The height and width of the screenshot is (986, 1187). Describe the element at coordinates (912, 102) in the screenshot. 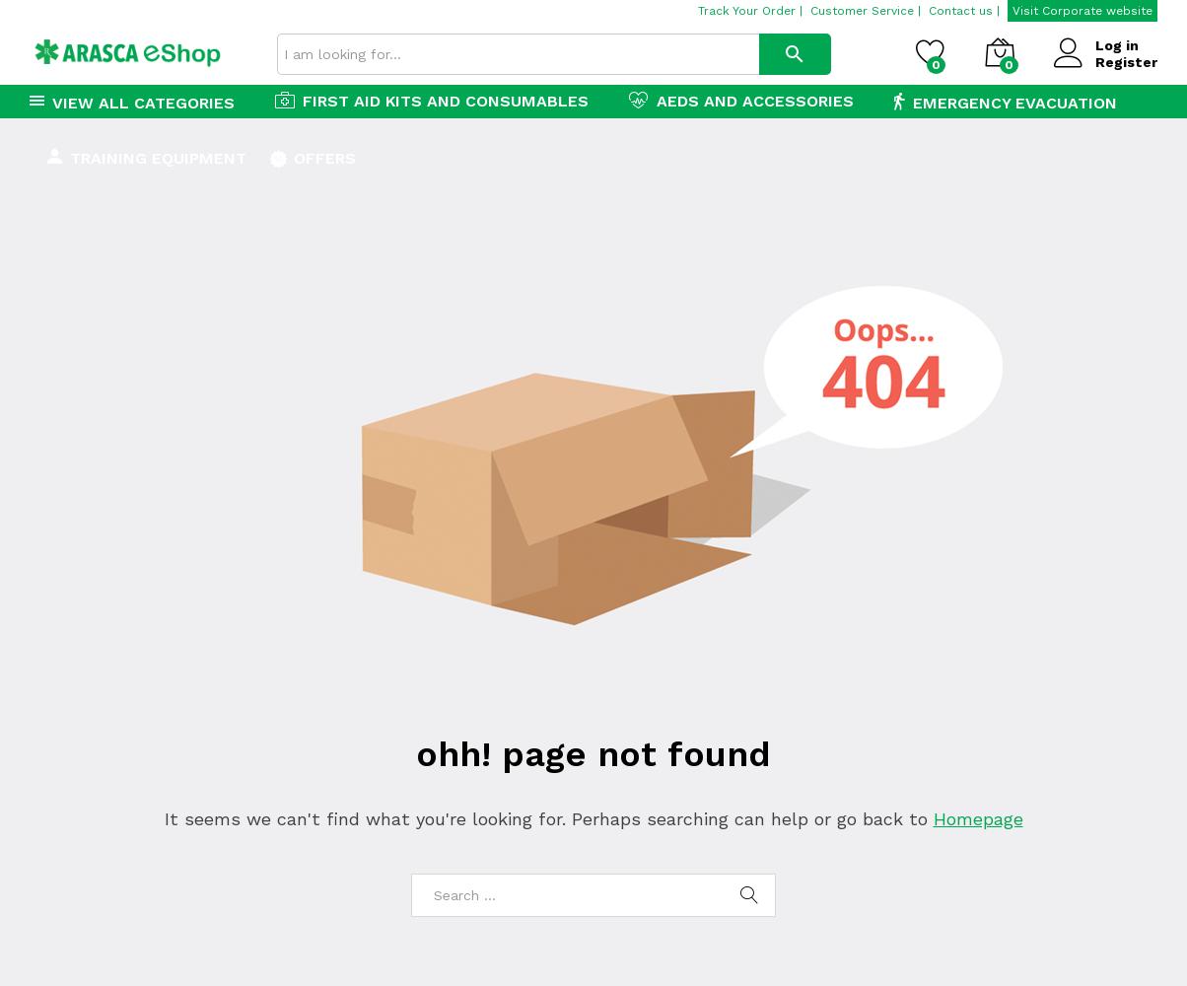

I see `'Emergency Evacuation'` at that location.